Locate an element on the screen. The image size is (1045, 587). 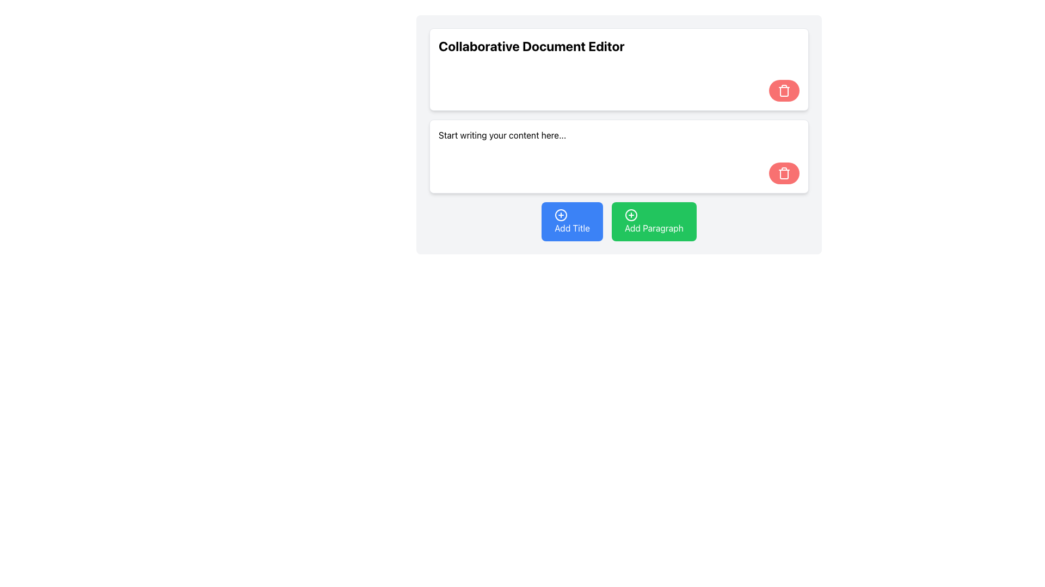
the delete icon located in the top-right corner of the upper content box, which is part of the interactive controls for the content block is located at coordinates (784, 90).